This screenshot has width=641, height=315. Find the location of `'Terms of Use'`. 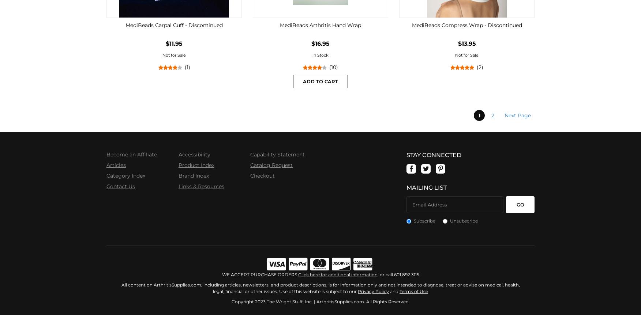

'Terms of Use' is located at coordinates (413, 291).